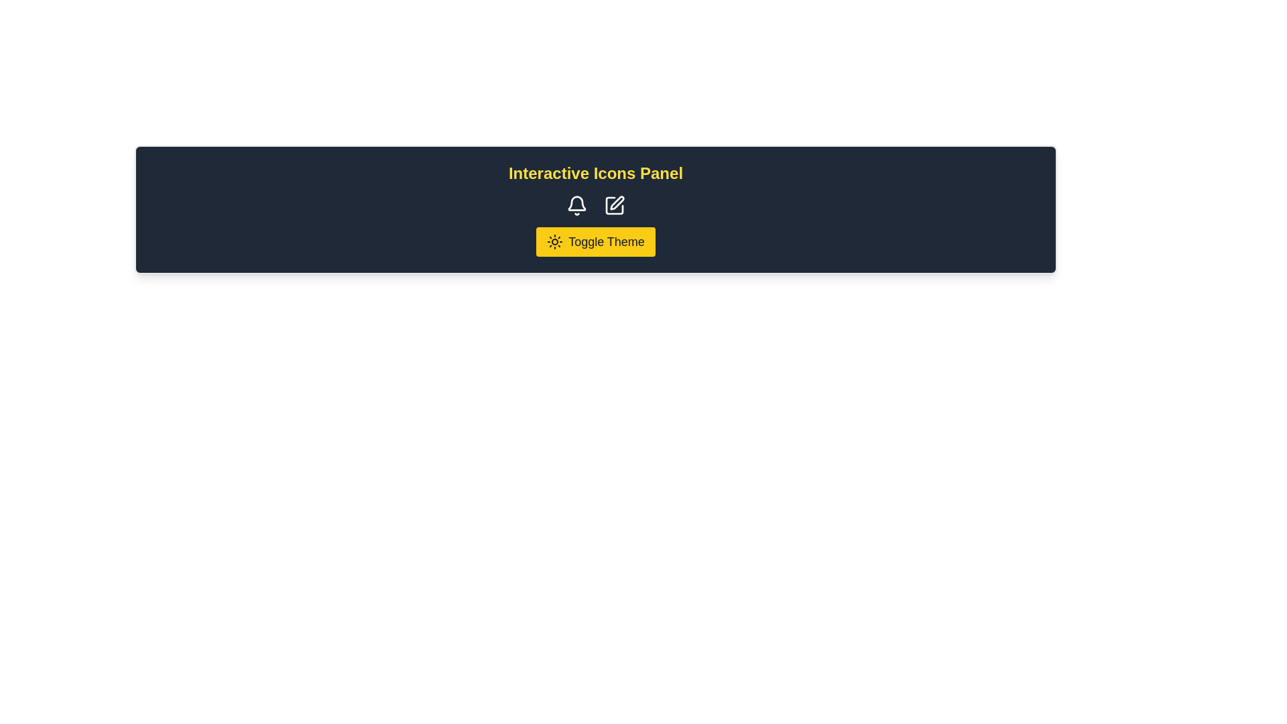 The height and width of the screenshot is (724, 1287). Describe the element at coordinates (555, 242) in the screenshot. I see `the sun icon located inside the 'Toggle Theme' button, which is a yellow rectangular button with rounded corners, to provide visual feedback` at that location.